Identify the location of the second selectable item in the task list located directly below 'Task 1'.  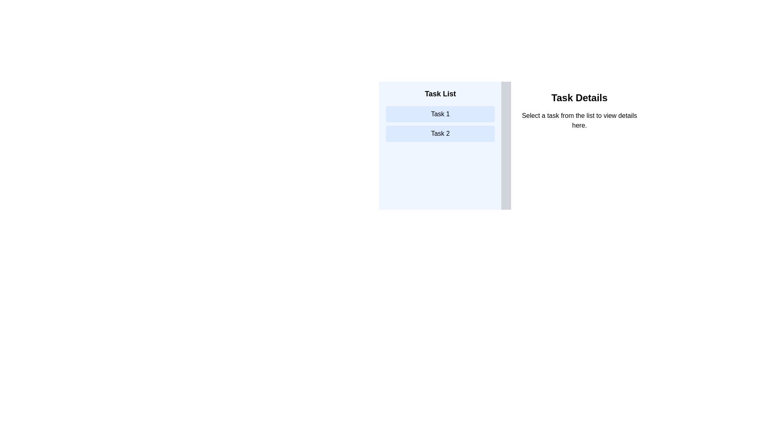
(440, 133).